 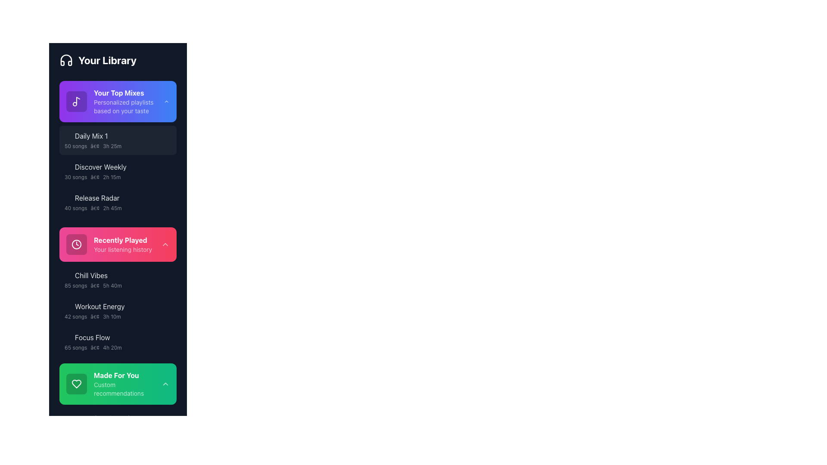 What do you see at coordinates (95, 146) in the screenshot?
I see `the bullet symbol that serves as a text separator between '50 songs' and '3h 25m', positioned centrally in the row` at bounding box center [95, 146].